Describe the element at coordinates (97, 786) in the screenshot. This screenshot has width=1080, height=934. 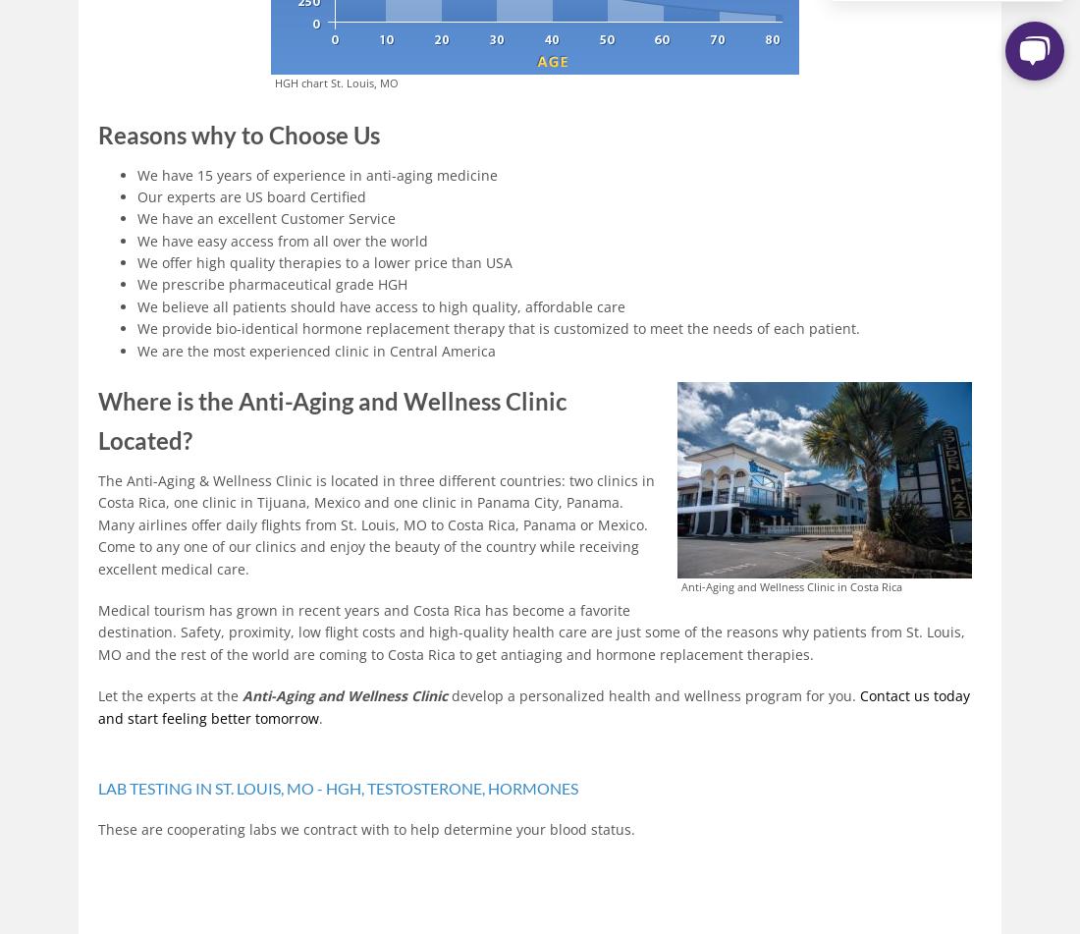
I see `'LAB TESTING IN St. Louis, MO - HGH, TESTOSTERONE, HORMONES'` at that location.